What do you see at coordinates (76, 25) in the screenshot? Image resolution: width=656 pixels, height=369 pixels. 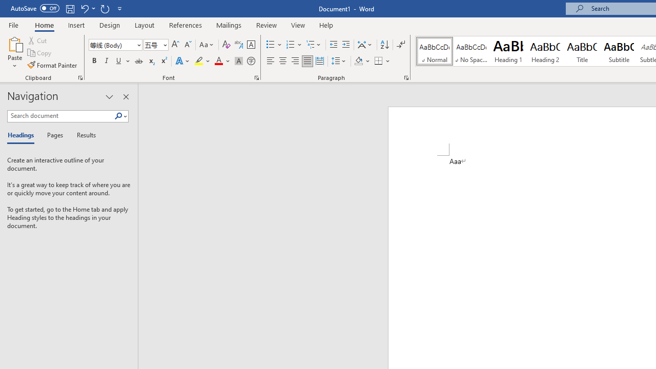 I see `'Insert'` at bounding box center [76, 25].